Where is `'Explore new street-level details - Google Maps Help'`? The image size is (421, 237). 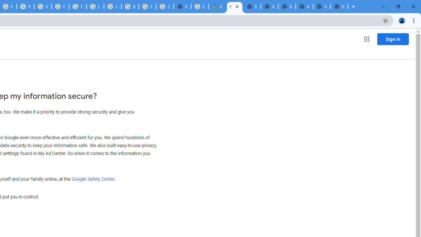
'Explore new street-level details - Google Maps Help' is located at coordinates (199, 7).